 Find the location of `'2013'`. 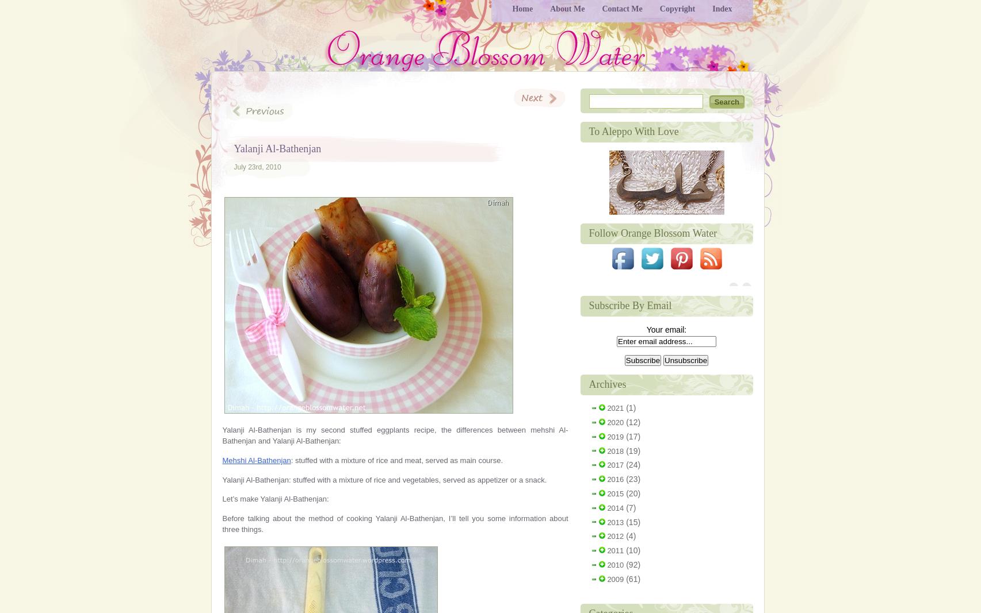

'2013' is located at coordinates (614, 522).